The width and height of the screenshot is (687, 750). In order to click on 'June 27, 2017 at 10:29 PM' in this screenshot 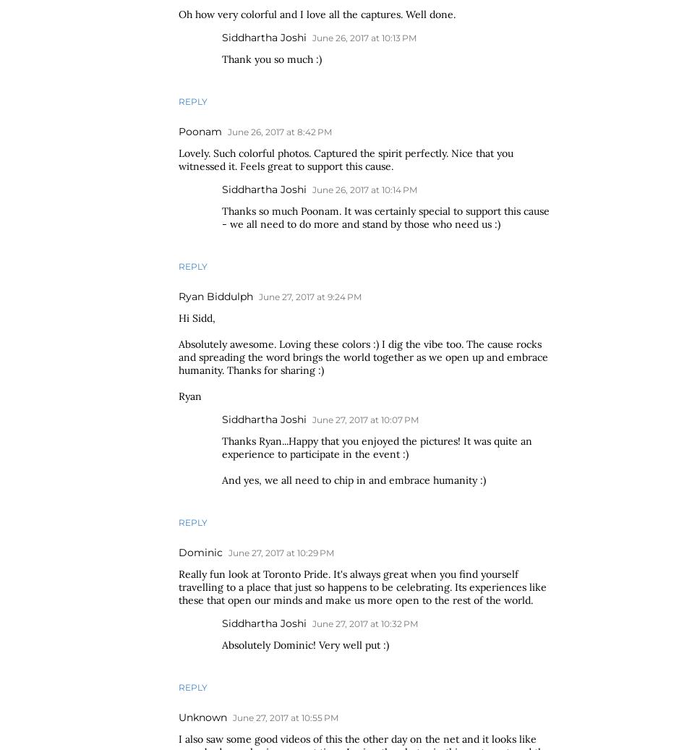, I will do `click(227, 553)`.